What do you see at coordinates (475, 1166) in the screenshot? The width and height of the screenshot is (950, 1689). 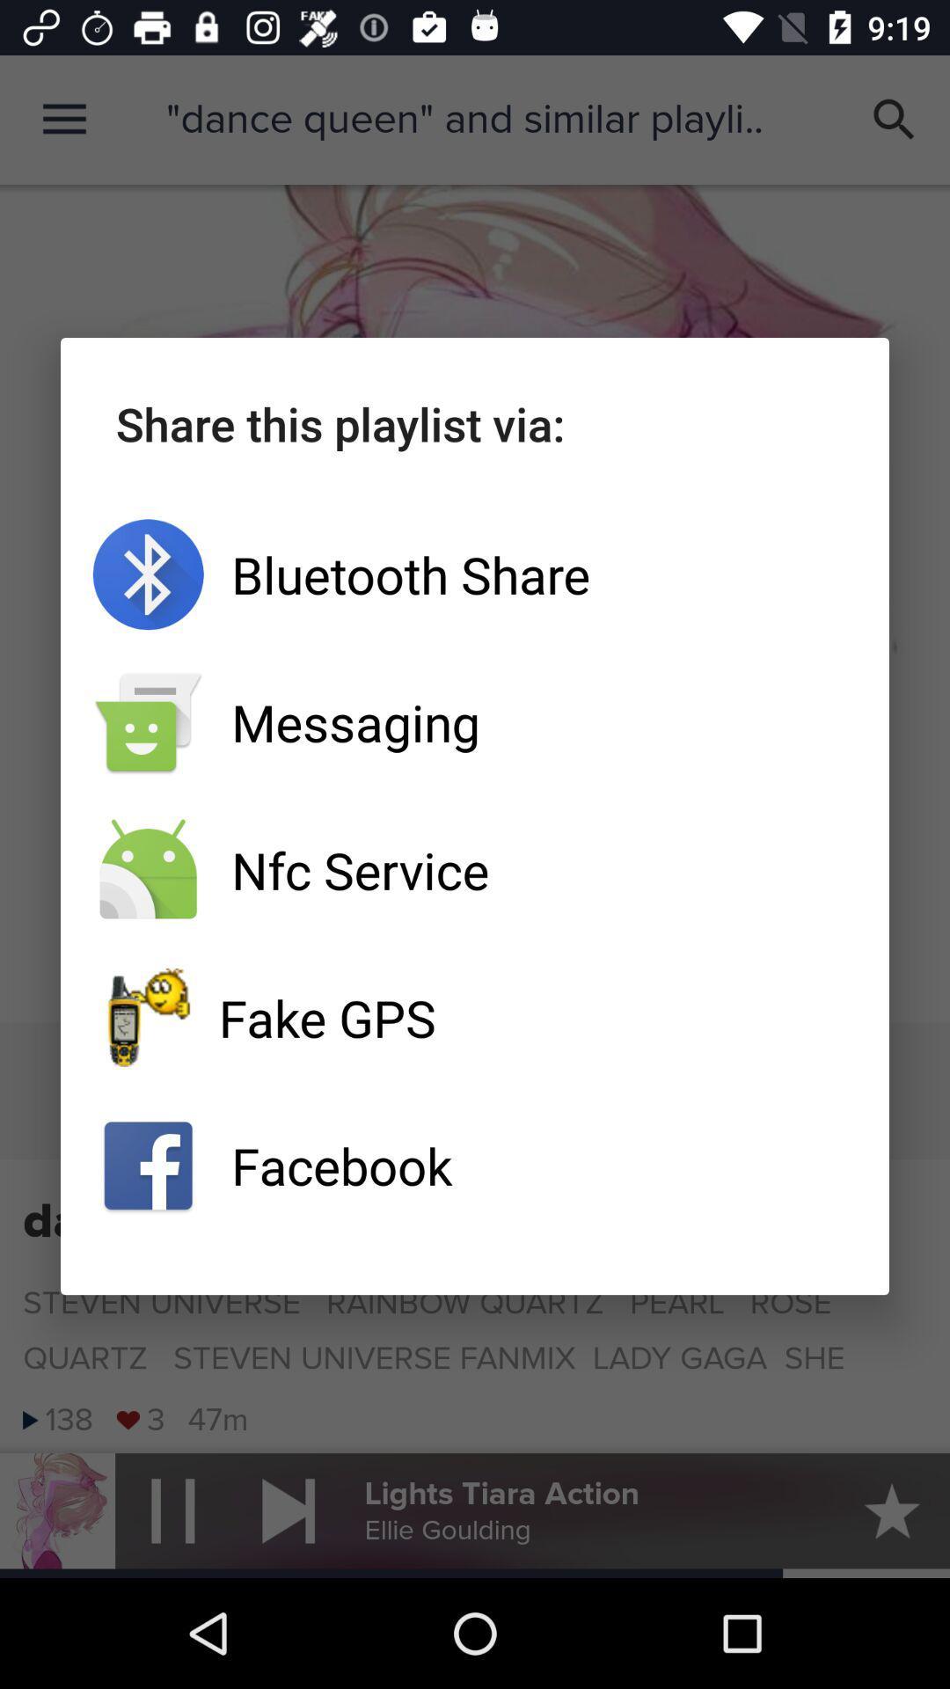 I see `the facebook` at bounding box center [475, 1166].